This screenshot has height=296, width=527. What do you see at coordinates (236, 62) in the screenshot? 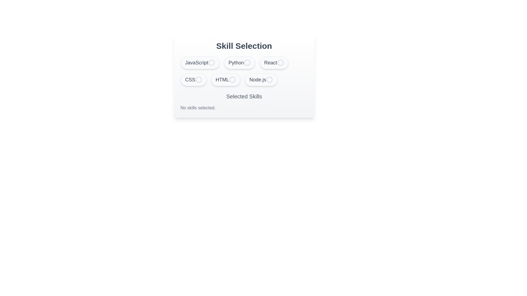
I see `the button surrounding the 'Python' text label, which is the second button in the row of skill selection options` at bounding box center [236, 62].